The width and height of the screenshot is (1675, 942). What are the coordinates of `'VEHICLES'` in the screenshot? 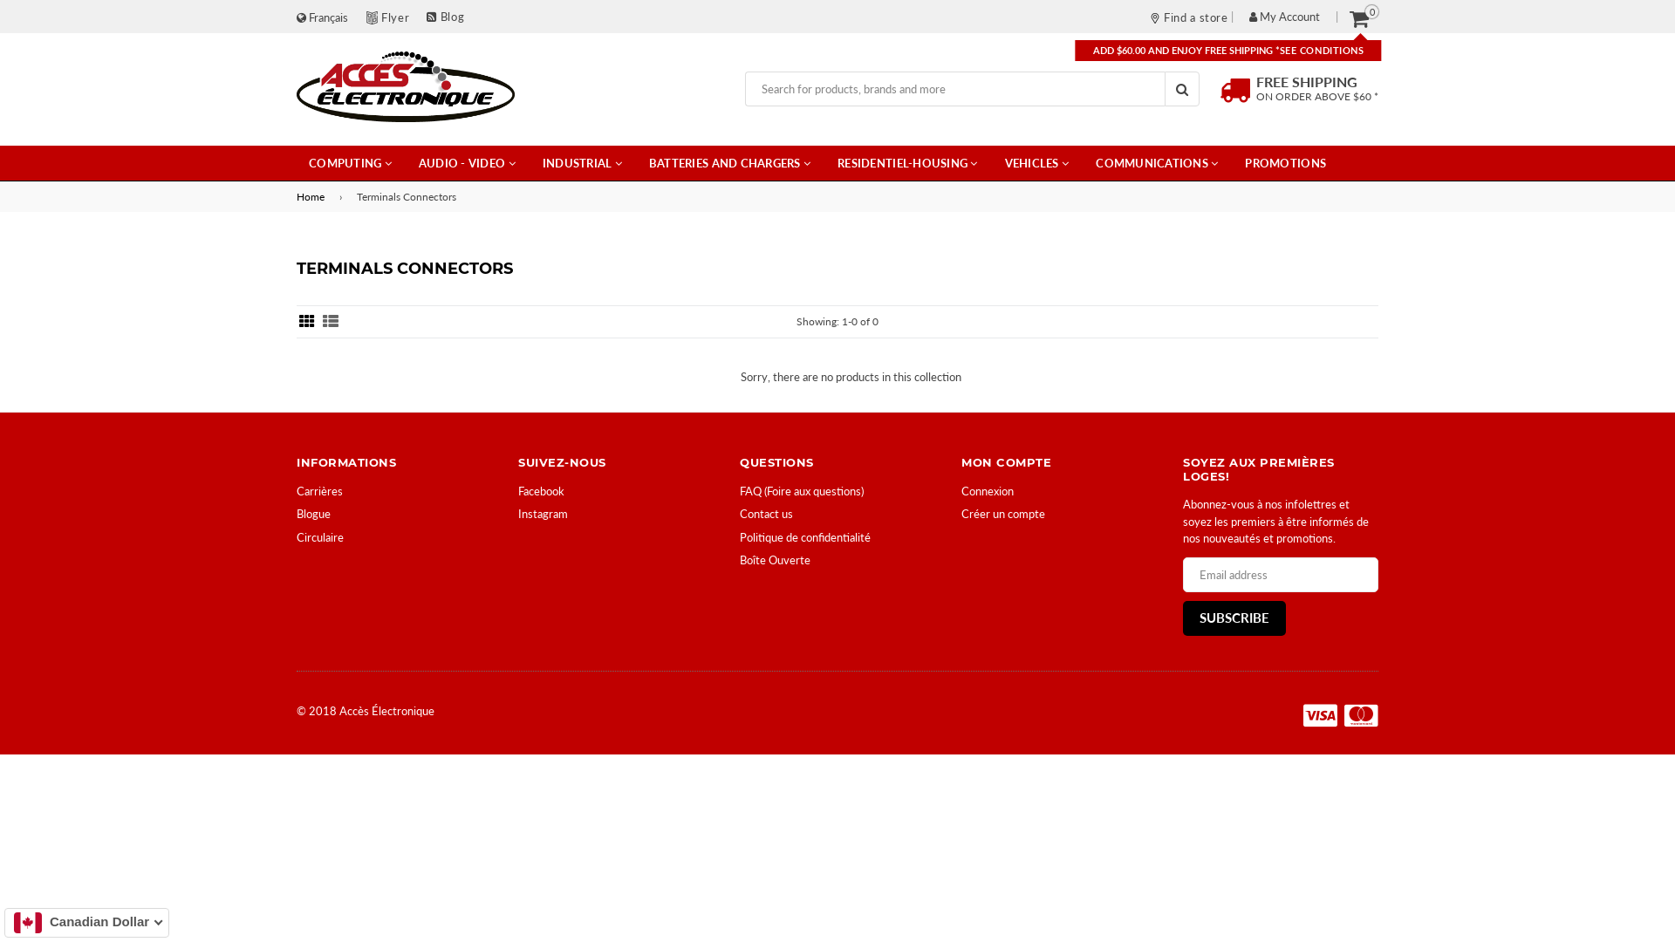 It's located at (1037, 162).